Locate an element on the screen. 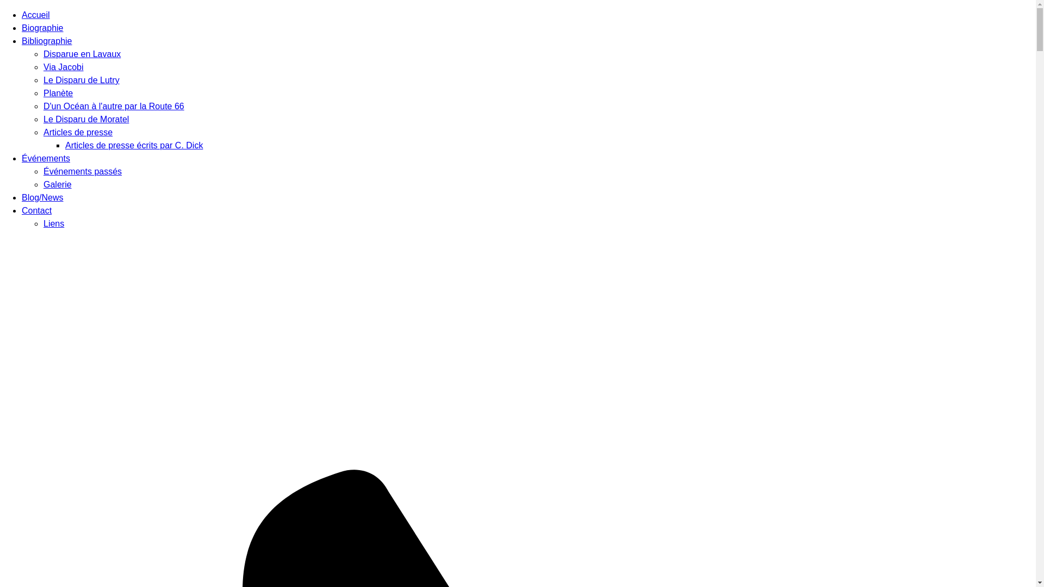  'Accueil' is located at coordinates (21, 15).